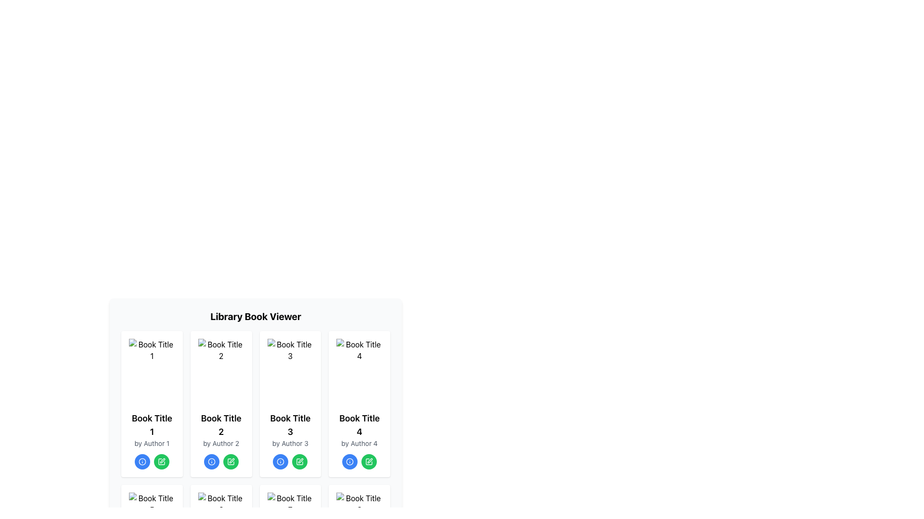 The height and width of the screenshot is (519, 924). I want to click on the info button on the book card in the library viewer, so click(151, 404).